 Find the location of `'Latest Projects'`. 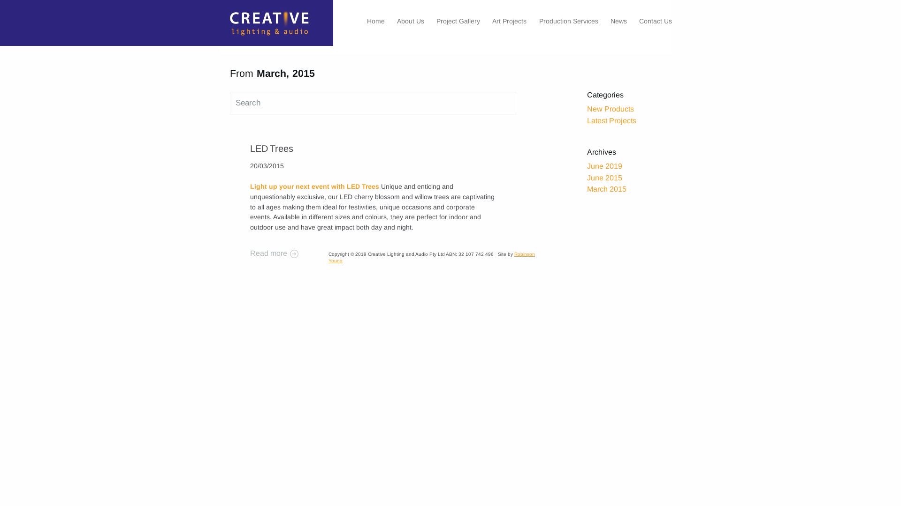

'Latest Projects' is located at coordinates (611, 120).